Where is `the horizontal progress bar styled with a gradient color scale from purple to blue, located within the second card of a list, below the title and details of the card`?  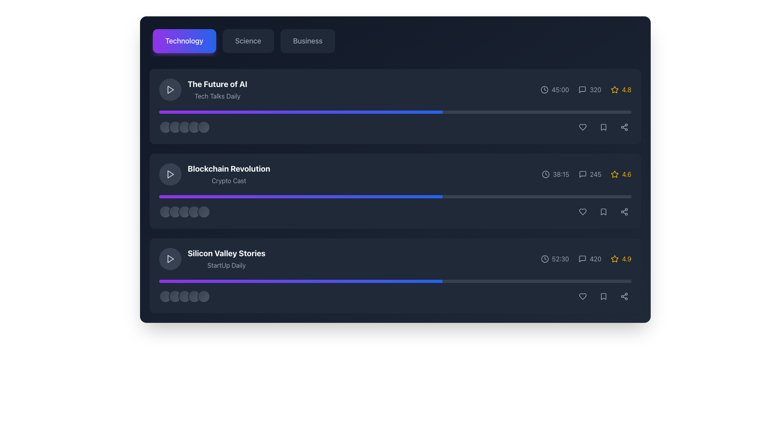
the horizontal progress bar styled with a gradient color scale from purple to blue, located within the second card of a list, below the title and details of the card is located at coordinates (395, 197).